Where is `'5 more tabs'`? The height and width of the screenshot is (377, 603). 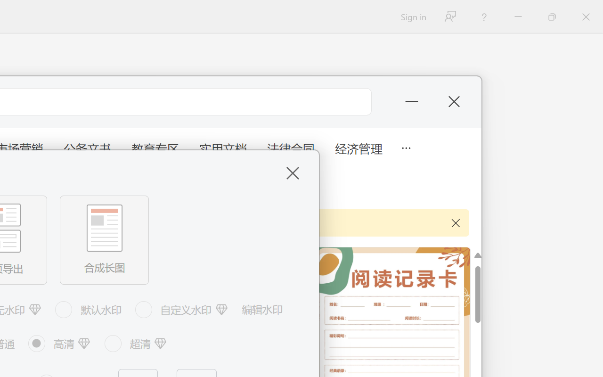 '5 more tabs' is located at coordinates (406, 147).